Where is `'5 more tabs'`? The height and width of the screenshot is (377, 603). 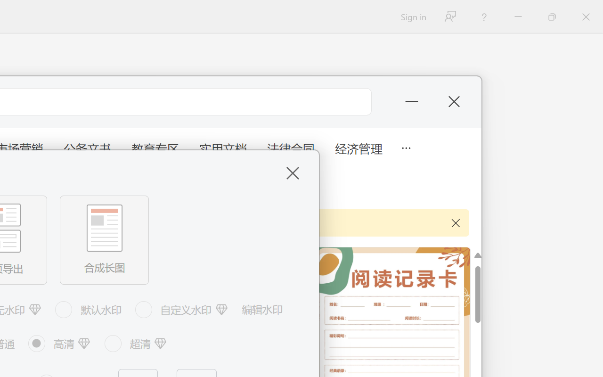 '5 more tabs' is located at coordinates (406, 147).